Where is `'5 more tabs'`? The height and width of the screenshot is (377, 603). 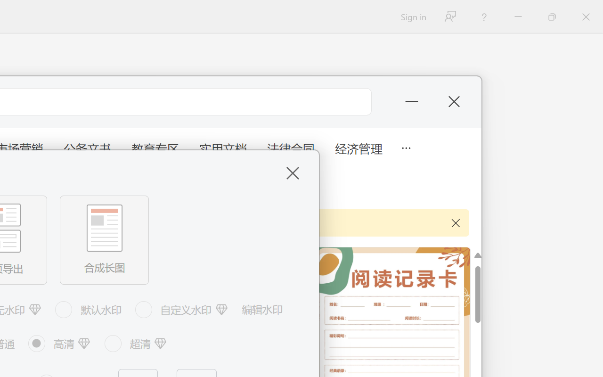 '5 more tabs' is located at coordinates (406, 147).